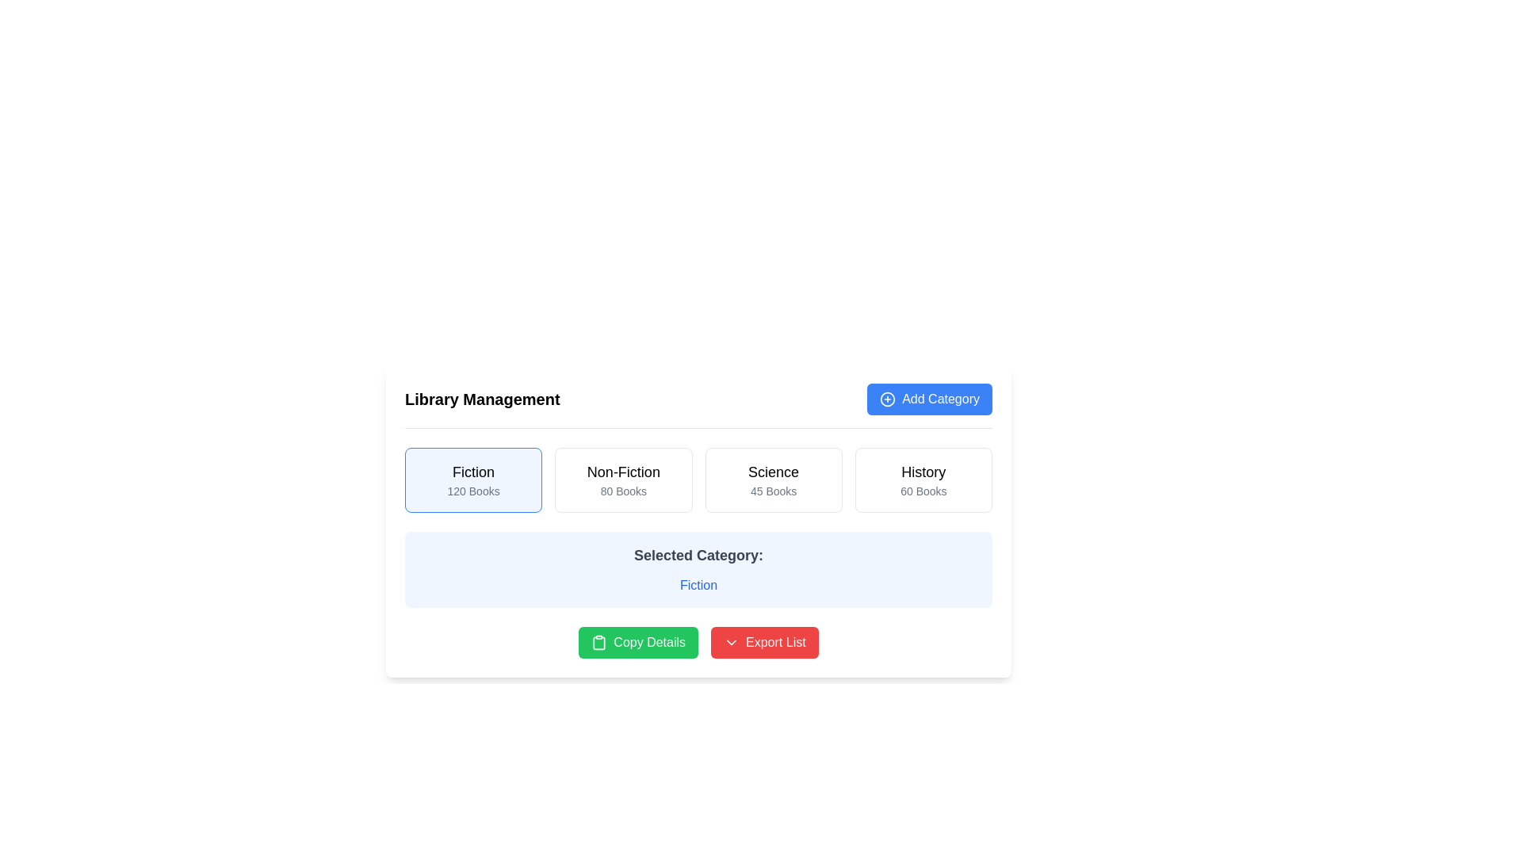 The height and width of the screenshot is (856, 1522). I want to click on the 'Fiction' category button located at the top left of the grid layout, which has a blue background and displays 'Fiction' and '120 Books', so click(472, 479).